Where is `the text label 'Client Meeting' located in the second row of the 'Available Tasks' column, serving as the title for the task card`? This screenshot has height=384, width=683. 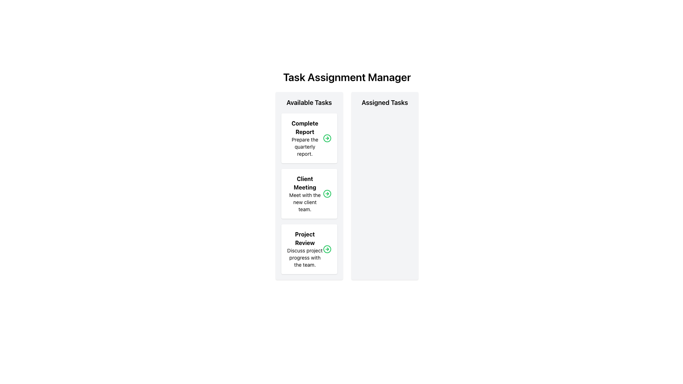 the text label 'Client Meeting' located in the second row of the 'Available Tasks' column, serving as the title for the task card is located at coordinates (305, 183).